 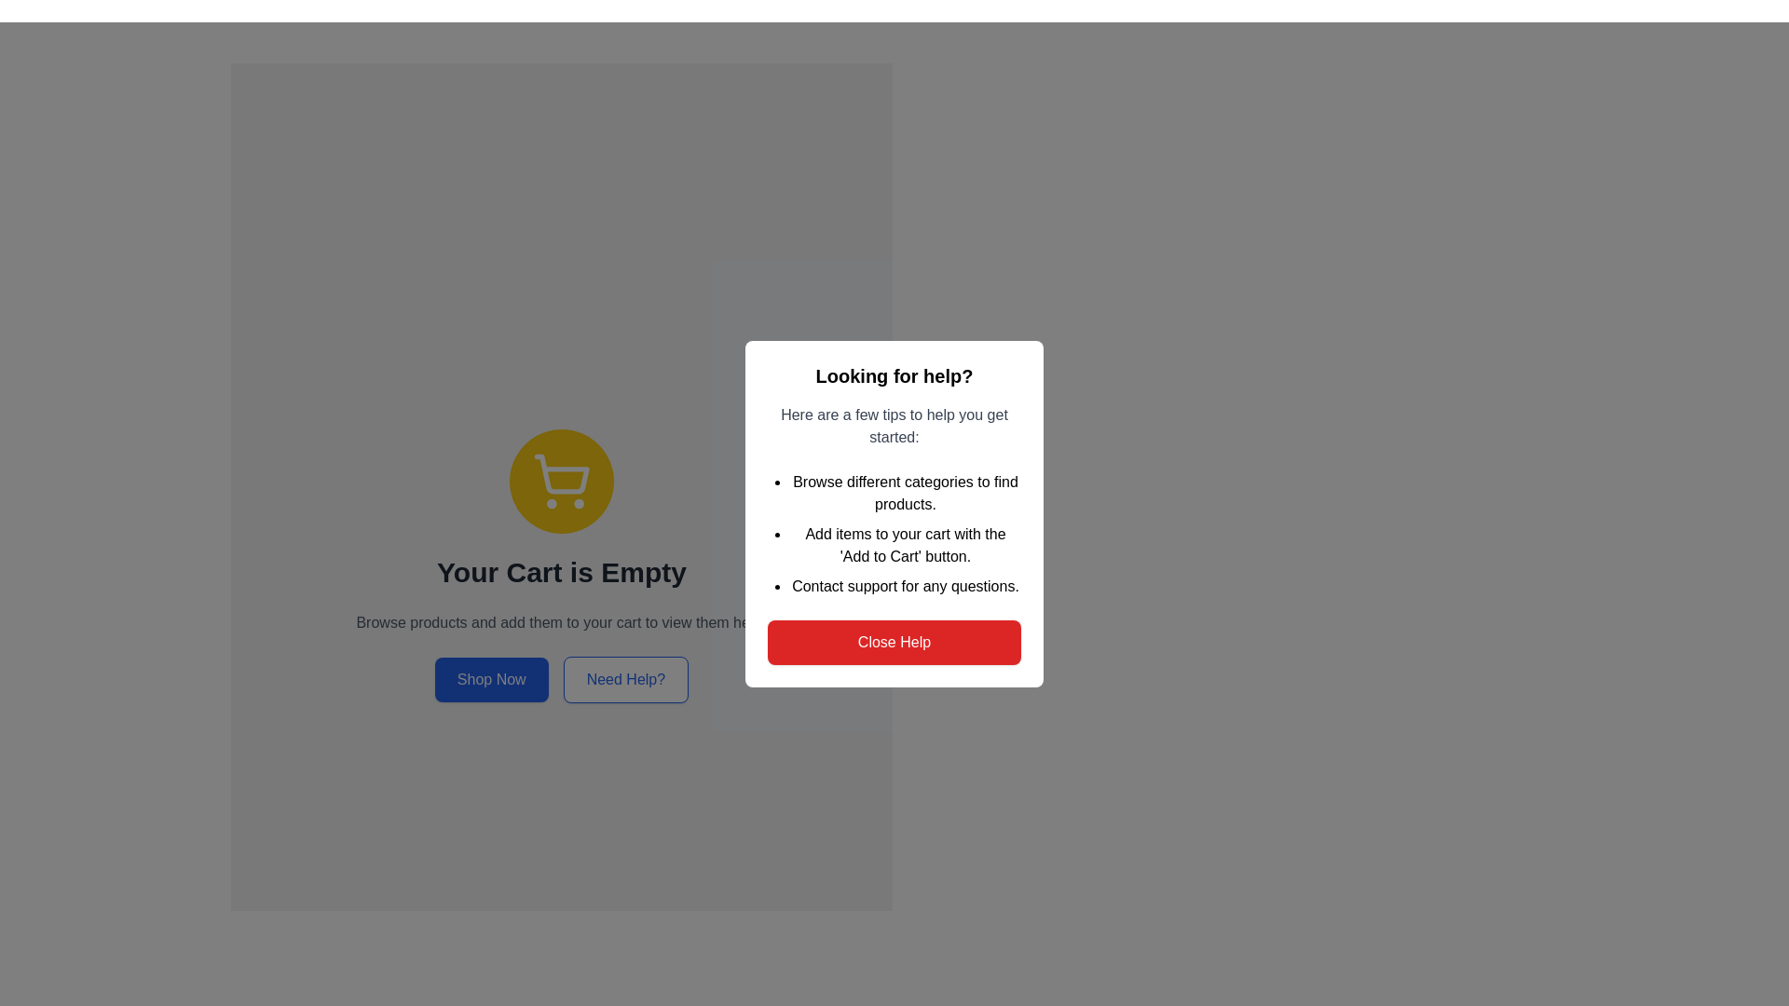 What do you see at coordinates (905, 585) in the screenshot?
I see `the static text element that provides guidance to contact support for assistance, located below the bullet point 'Add items to your cart with the 'Add to Cart' button.' in the modal titled 'Looking for help?'` at bounding box center [905, 585].